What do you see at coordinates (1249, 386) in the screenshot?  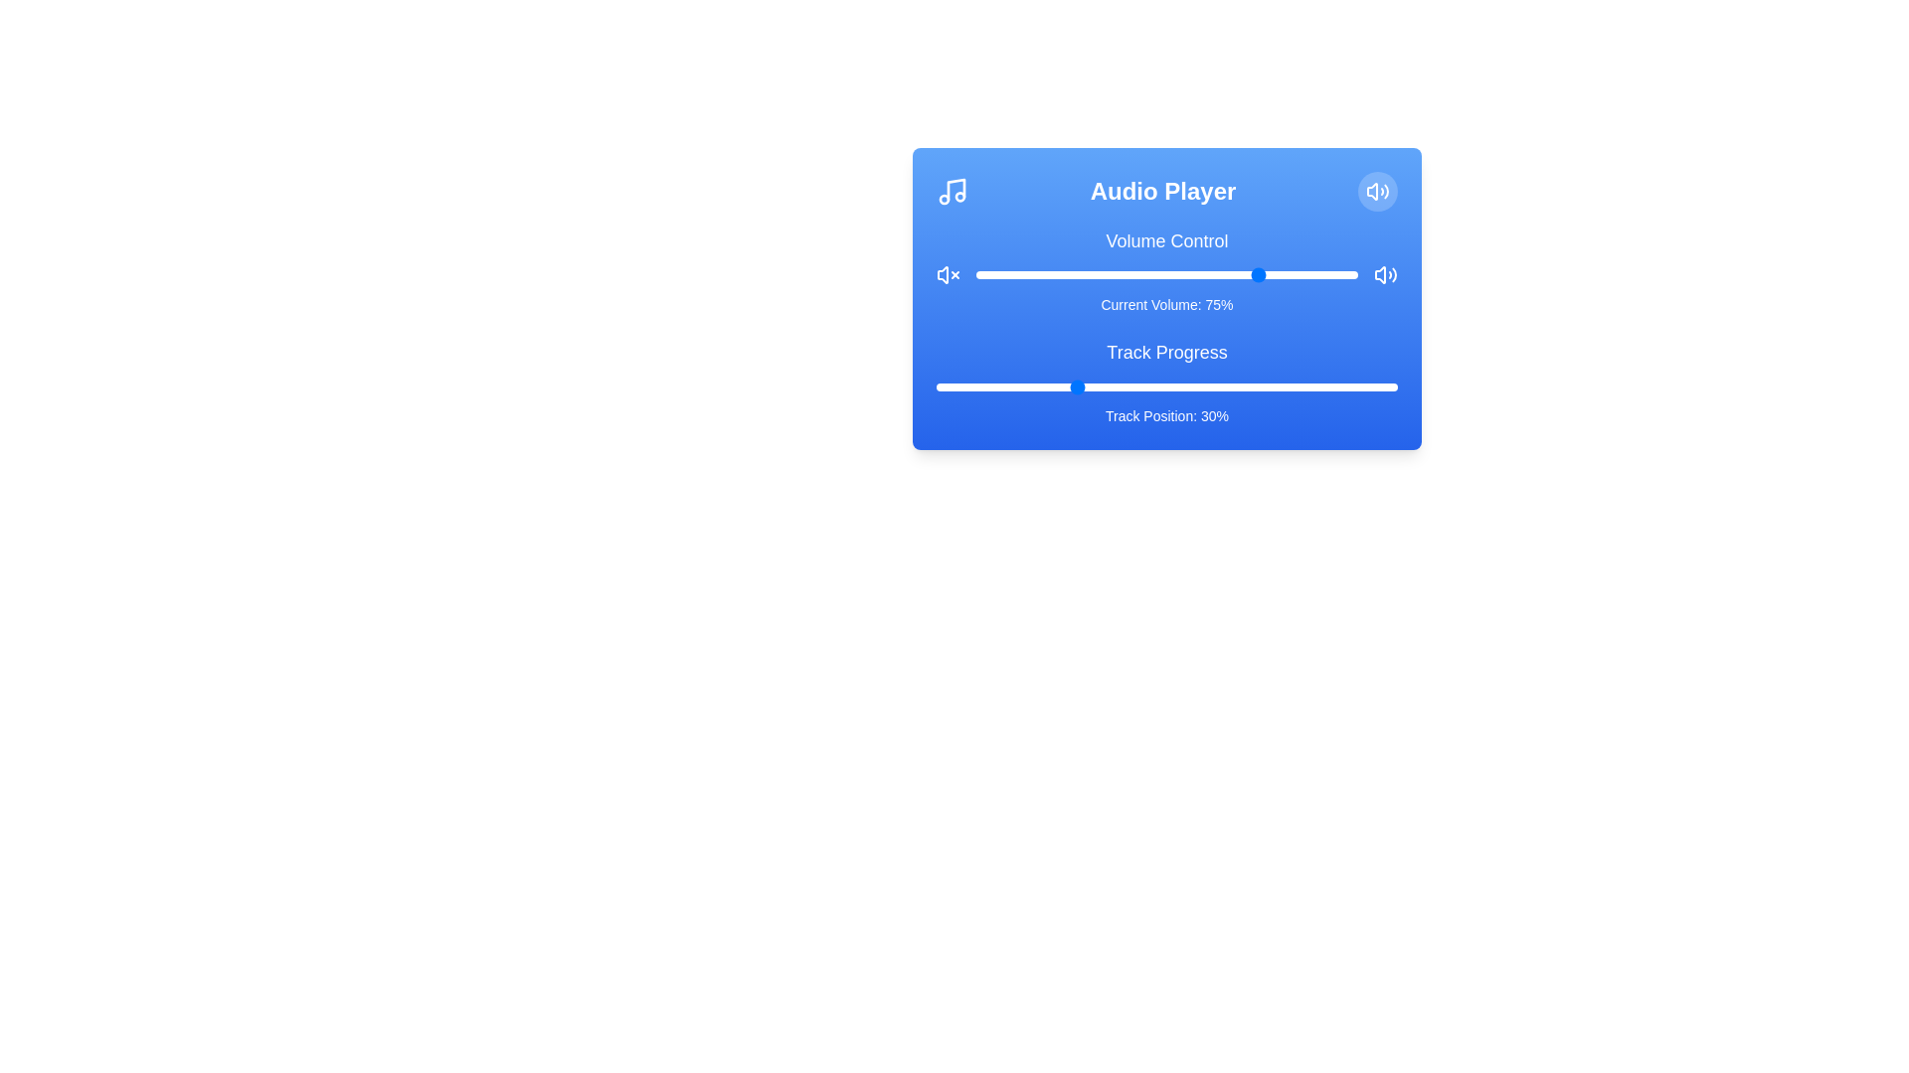 I see `track position` at bounding box center [1249, 386].